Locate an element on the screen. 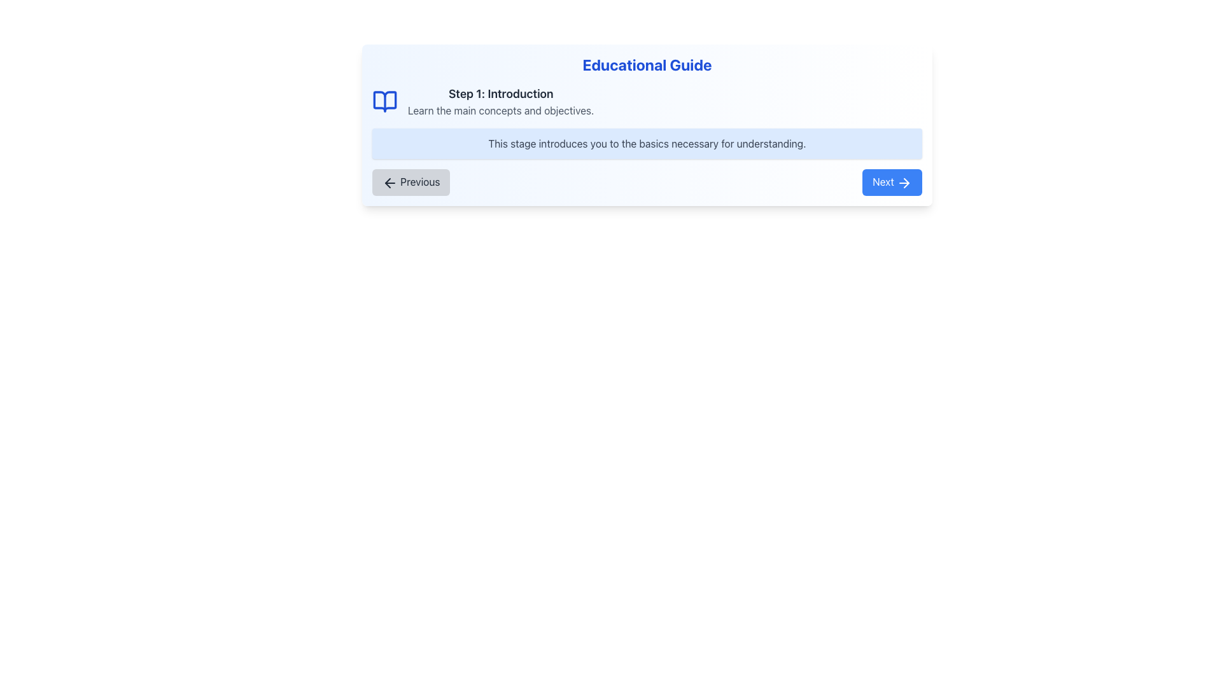 The width and height of the screenshot is (1222, 687). the right half of the open book icon in the top left corner of the interface, which represents the Educational Guide is located at coordinates (384, 101).